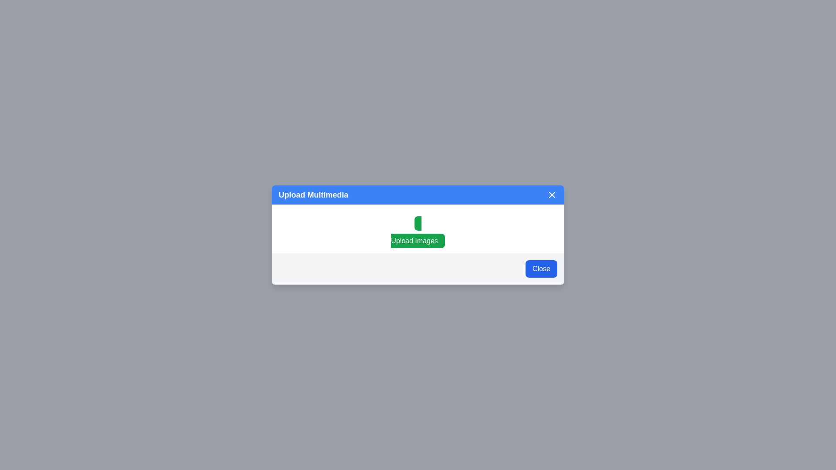 Image resolution: width=836 pixels, height=470 pixels. I want to click on the static text label displaying the title 'Upload Multimedia' located on the blue header of the modal window, so click(313, 194).